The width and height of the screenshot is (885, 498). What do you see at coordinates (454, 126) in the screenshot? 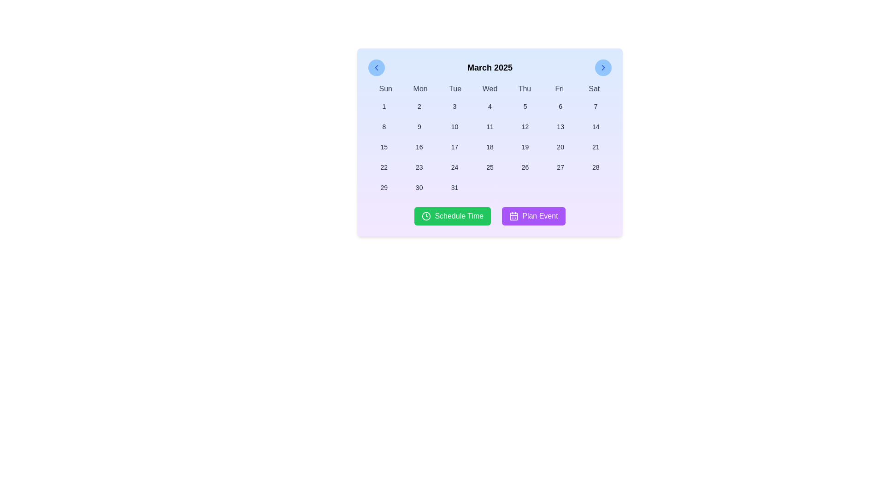
I see `the selectable date button for the date '10'` at bounding box center [454, 126].